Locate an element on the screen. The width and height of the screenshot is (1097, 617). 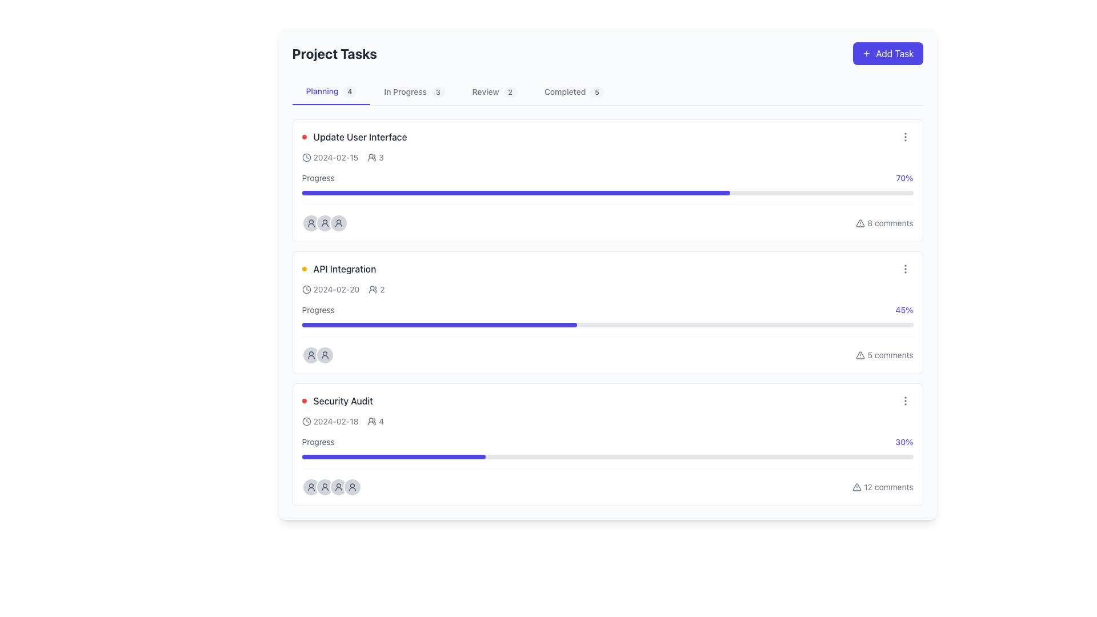
the 'Review' tab with a badge displaying the number '2' in the horizontal navigation bar under 'Project Tasks' is located at coordinates (494, 91).